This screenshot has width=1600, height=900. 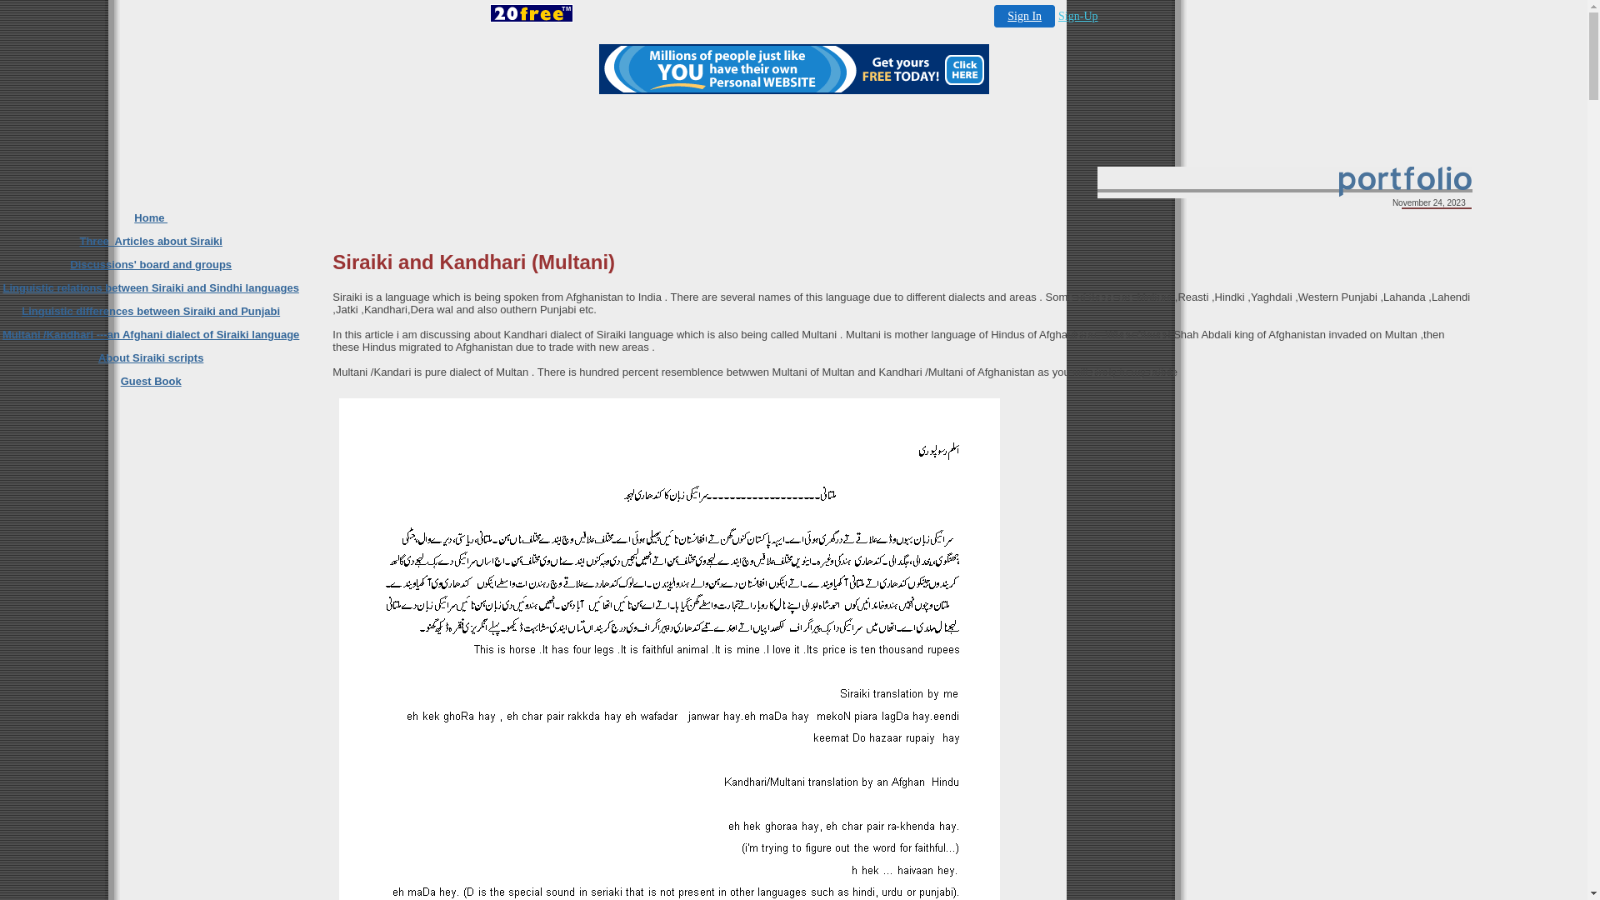 I want to click on 'Linguistic relations between Siraiki and Sindhi languages', so click(x=150, y=287).